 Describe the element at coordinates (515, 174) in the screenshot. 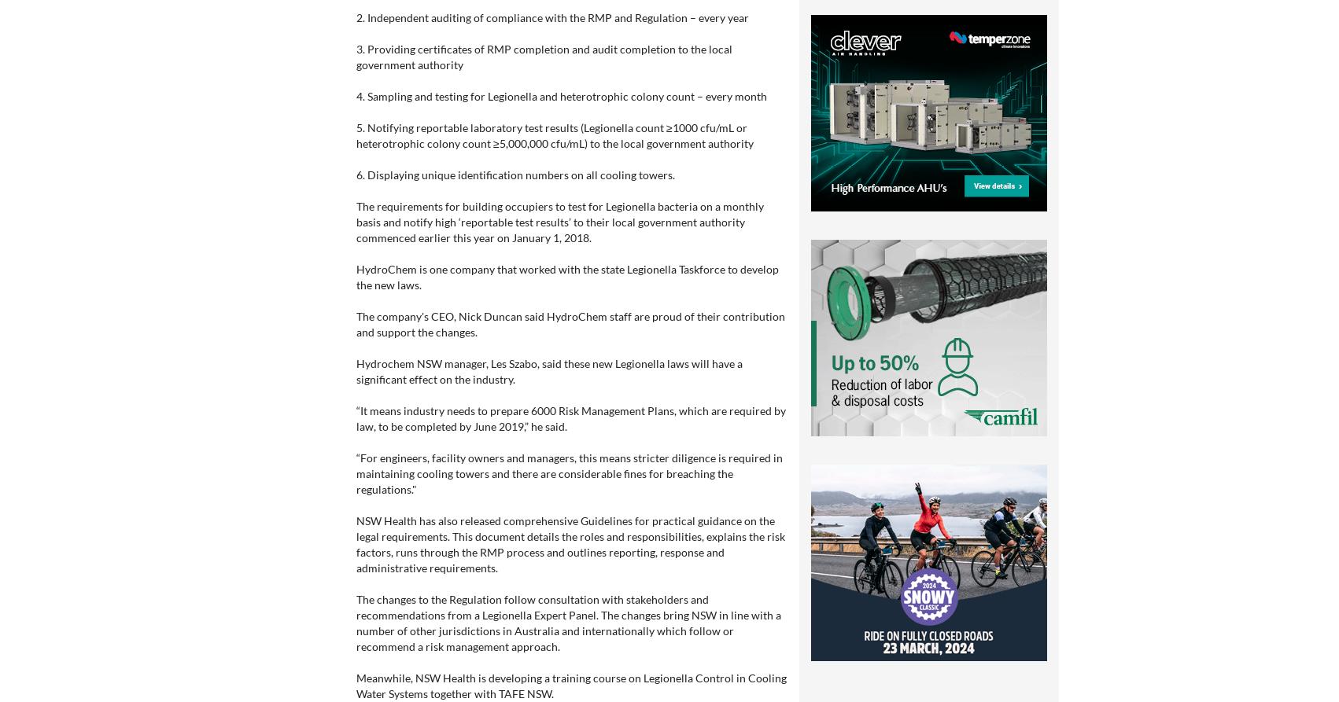

I see `'6. Displaying unique identification numbers on all cooling towers.'` at that location.